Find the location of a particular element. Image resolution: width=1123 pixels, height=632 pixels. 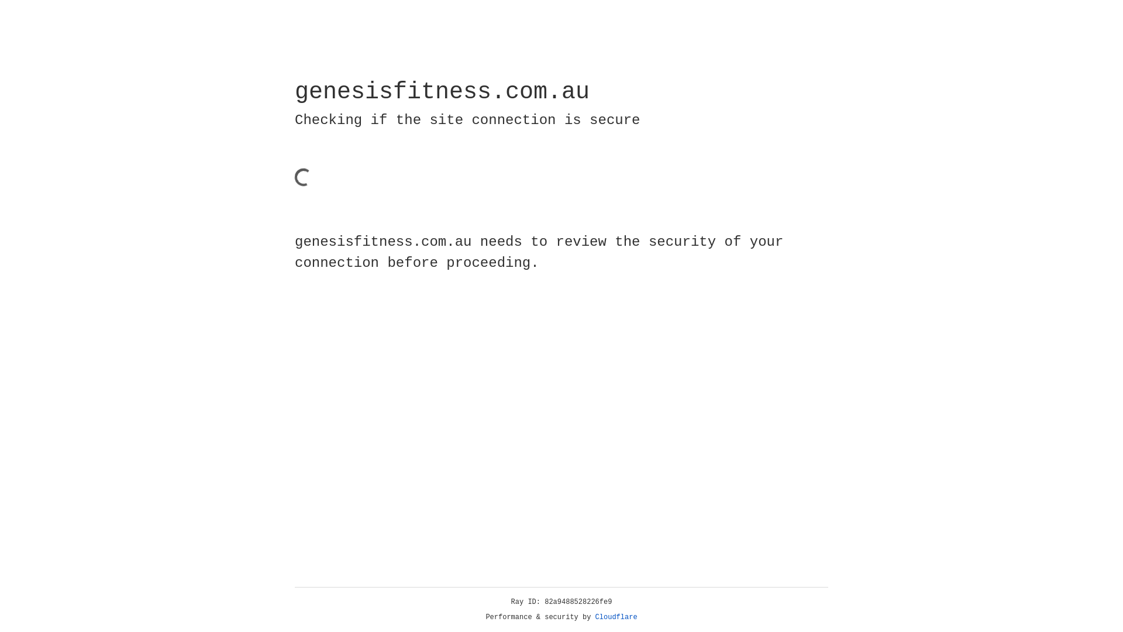

'Cloudflare' is located at coordinates (616, 617).